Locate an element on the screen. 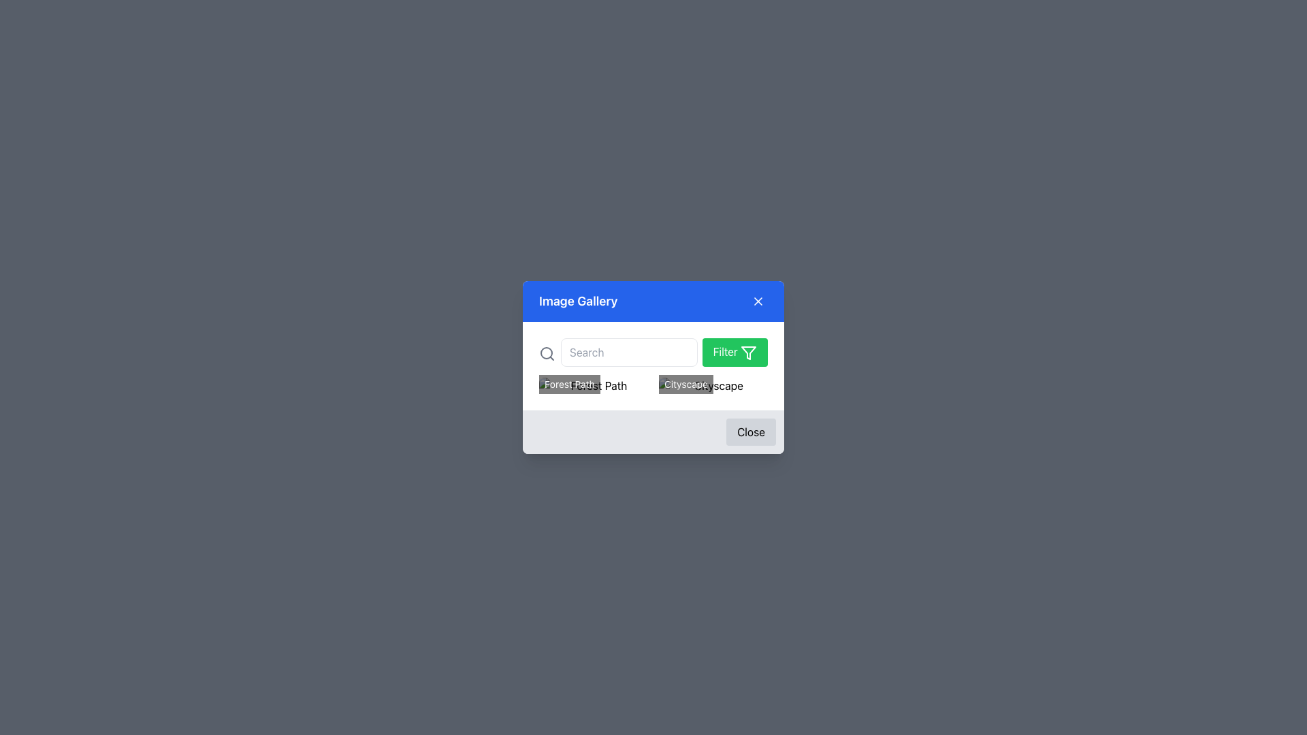  the close button located at the far right of the blue title bar on the 'Image Gallery' modal is located at coordinates (757, 301).